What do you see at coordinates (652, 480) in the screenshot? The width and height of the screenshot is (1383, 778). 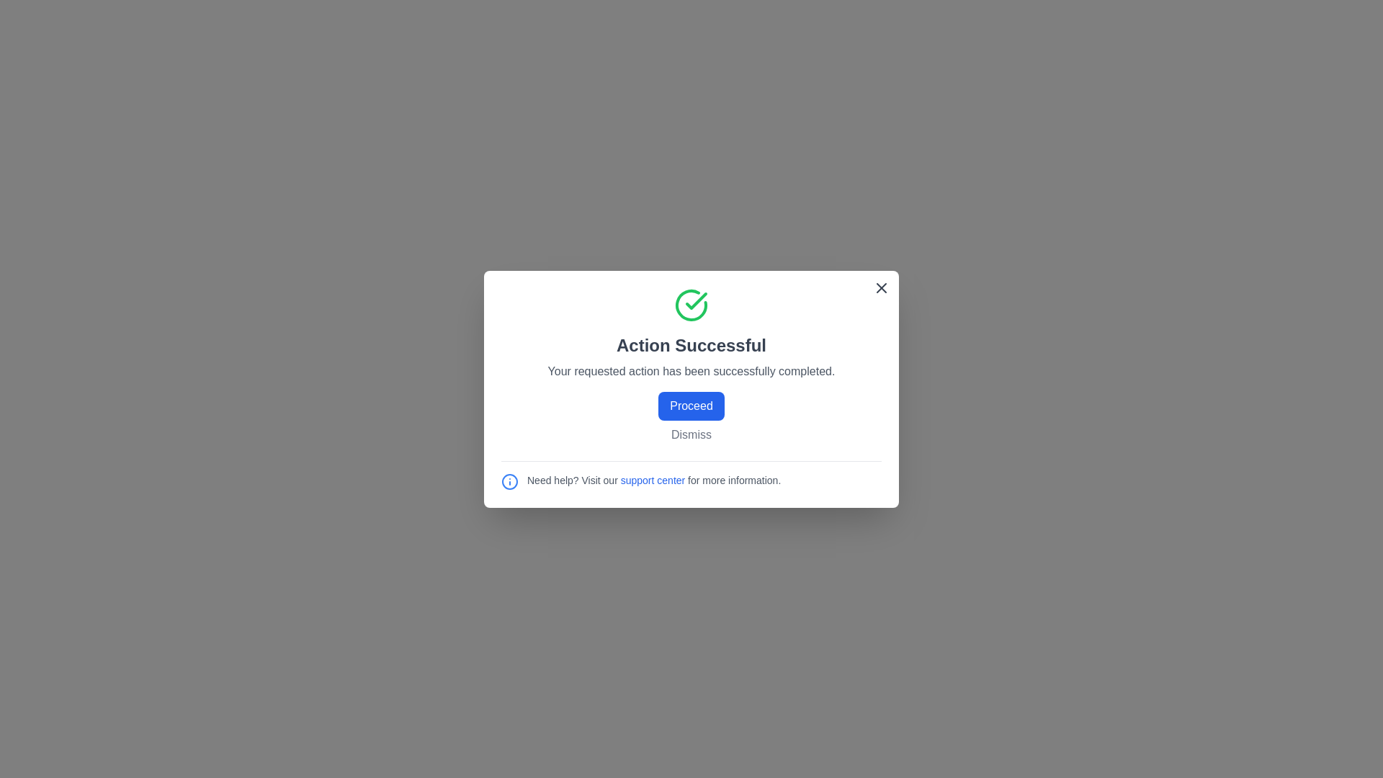 I see `the hyperlink located at the bottom of the modal dialog, which redirects to the support center for additional help or information` at bounding box center [652, 480].